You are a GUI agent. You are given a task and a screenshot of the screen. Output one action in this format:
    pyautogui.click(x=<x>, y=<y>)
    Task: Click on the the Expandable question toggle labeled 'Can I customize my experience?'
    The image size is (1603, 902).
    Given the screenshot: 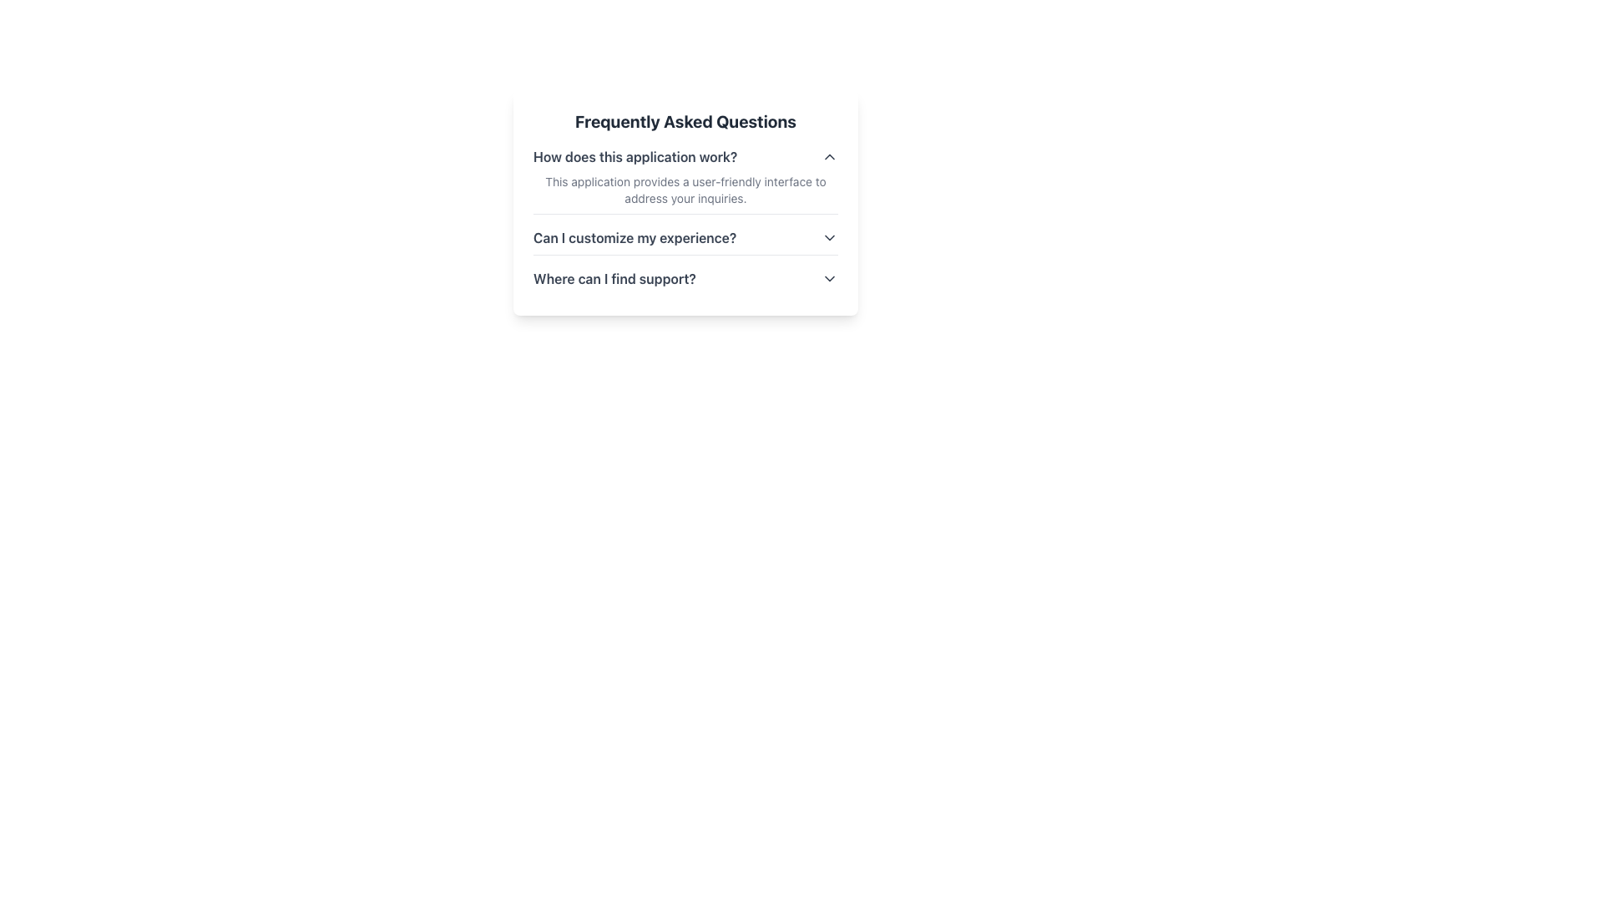 What is the action you would take?
    pyautogui.click(x=685, y=238)
    